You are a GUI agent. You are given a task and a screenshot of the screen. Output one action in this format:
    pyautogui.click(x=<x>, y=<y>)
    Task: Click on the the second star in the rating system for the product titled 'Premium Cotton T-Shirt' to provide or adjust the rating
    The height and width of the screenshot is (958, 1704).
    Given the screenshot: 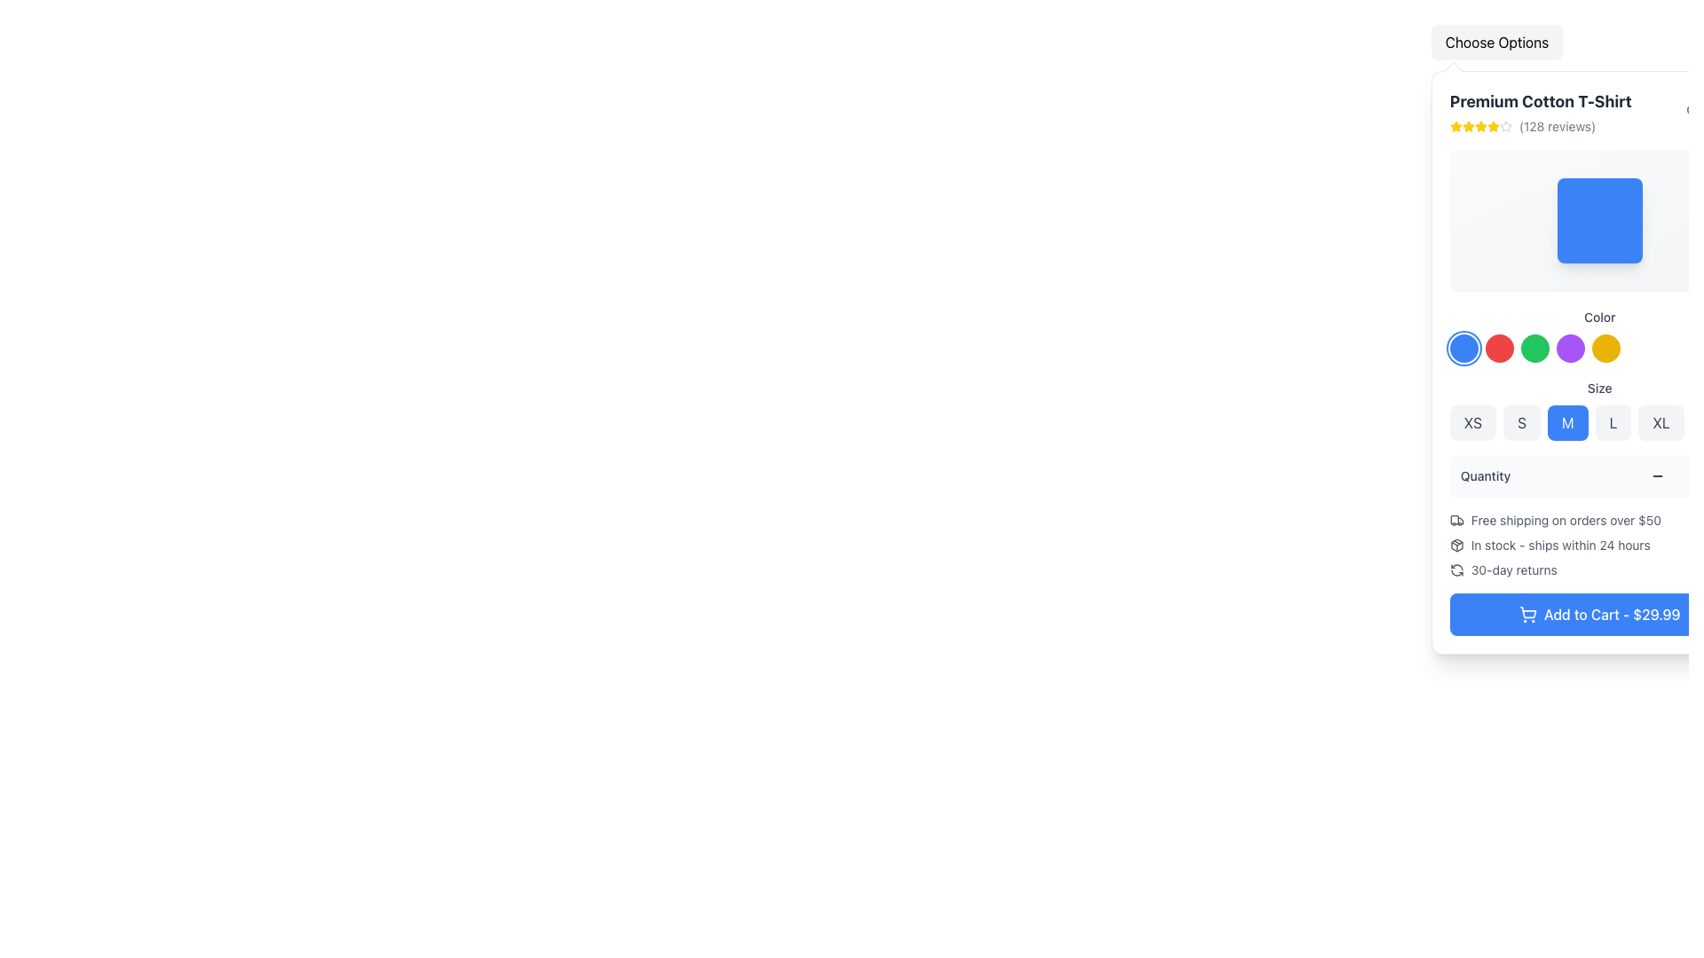 What is the action you would take?
    pyautogui.click(x=1455, y=125)
    